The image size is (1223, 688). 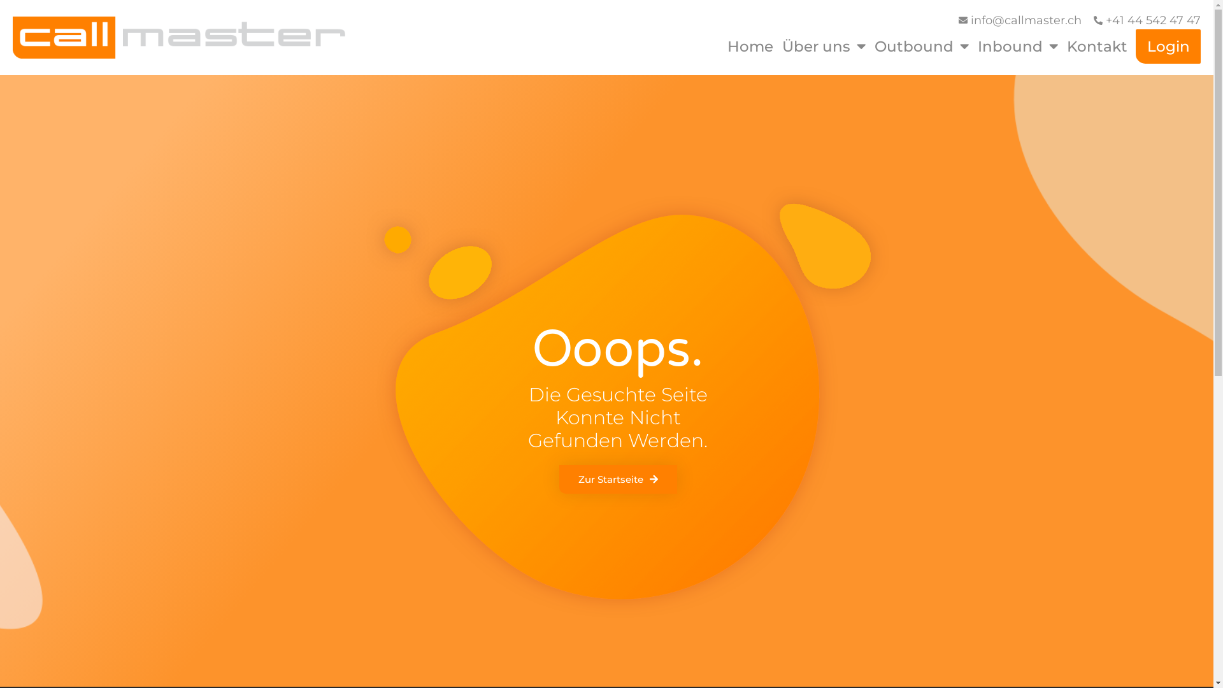 What do you see at coordinates (1147, 20) in the screenshot?
I see `'+41 44 542 47 47'` at bounding box center [1147, 20].